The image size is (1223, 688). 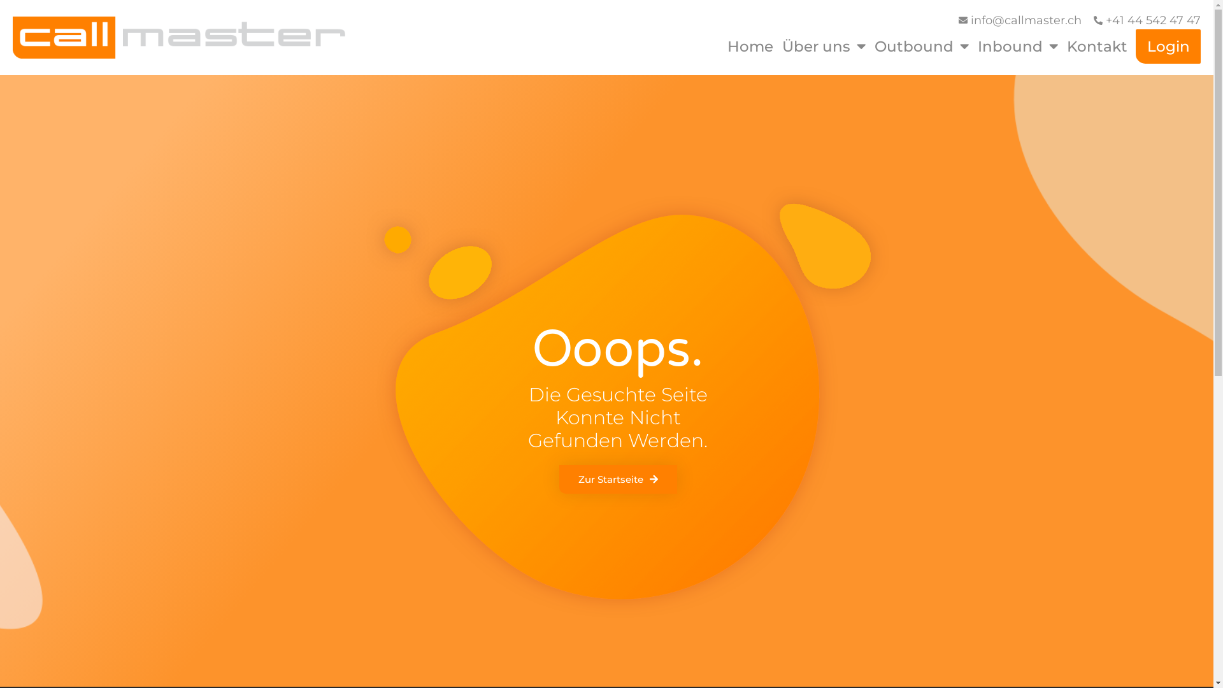 What do you see at coordinates (1147, 20) in the screenshot?
I see `'+41 44 542 47 47'` at bounding box center [1147, 20].